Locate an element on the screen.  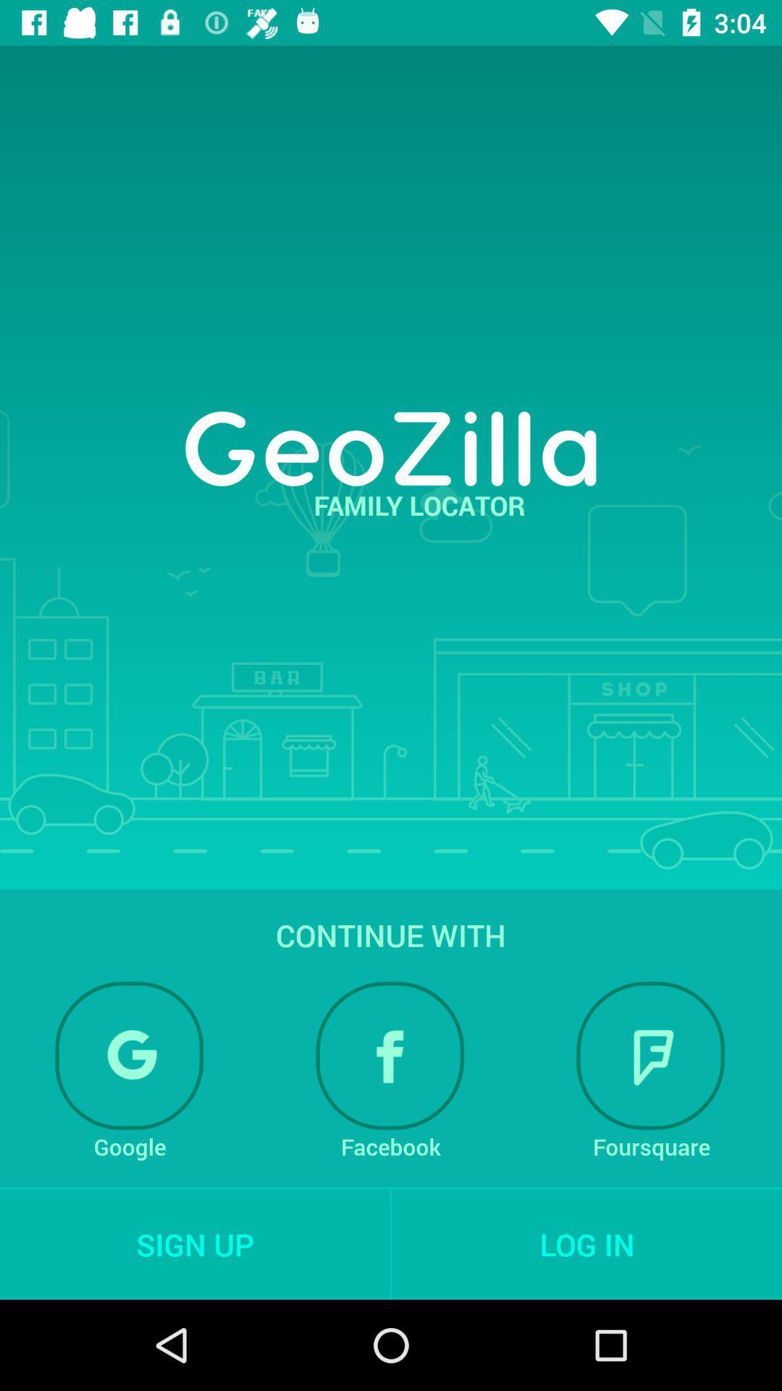
sign in geozilla with your facebook account is located at coordinates (390, 1056).